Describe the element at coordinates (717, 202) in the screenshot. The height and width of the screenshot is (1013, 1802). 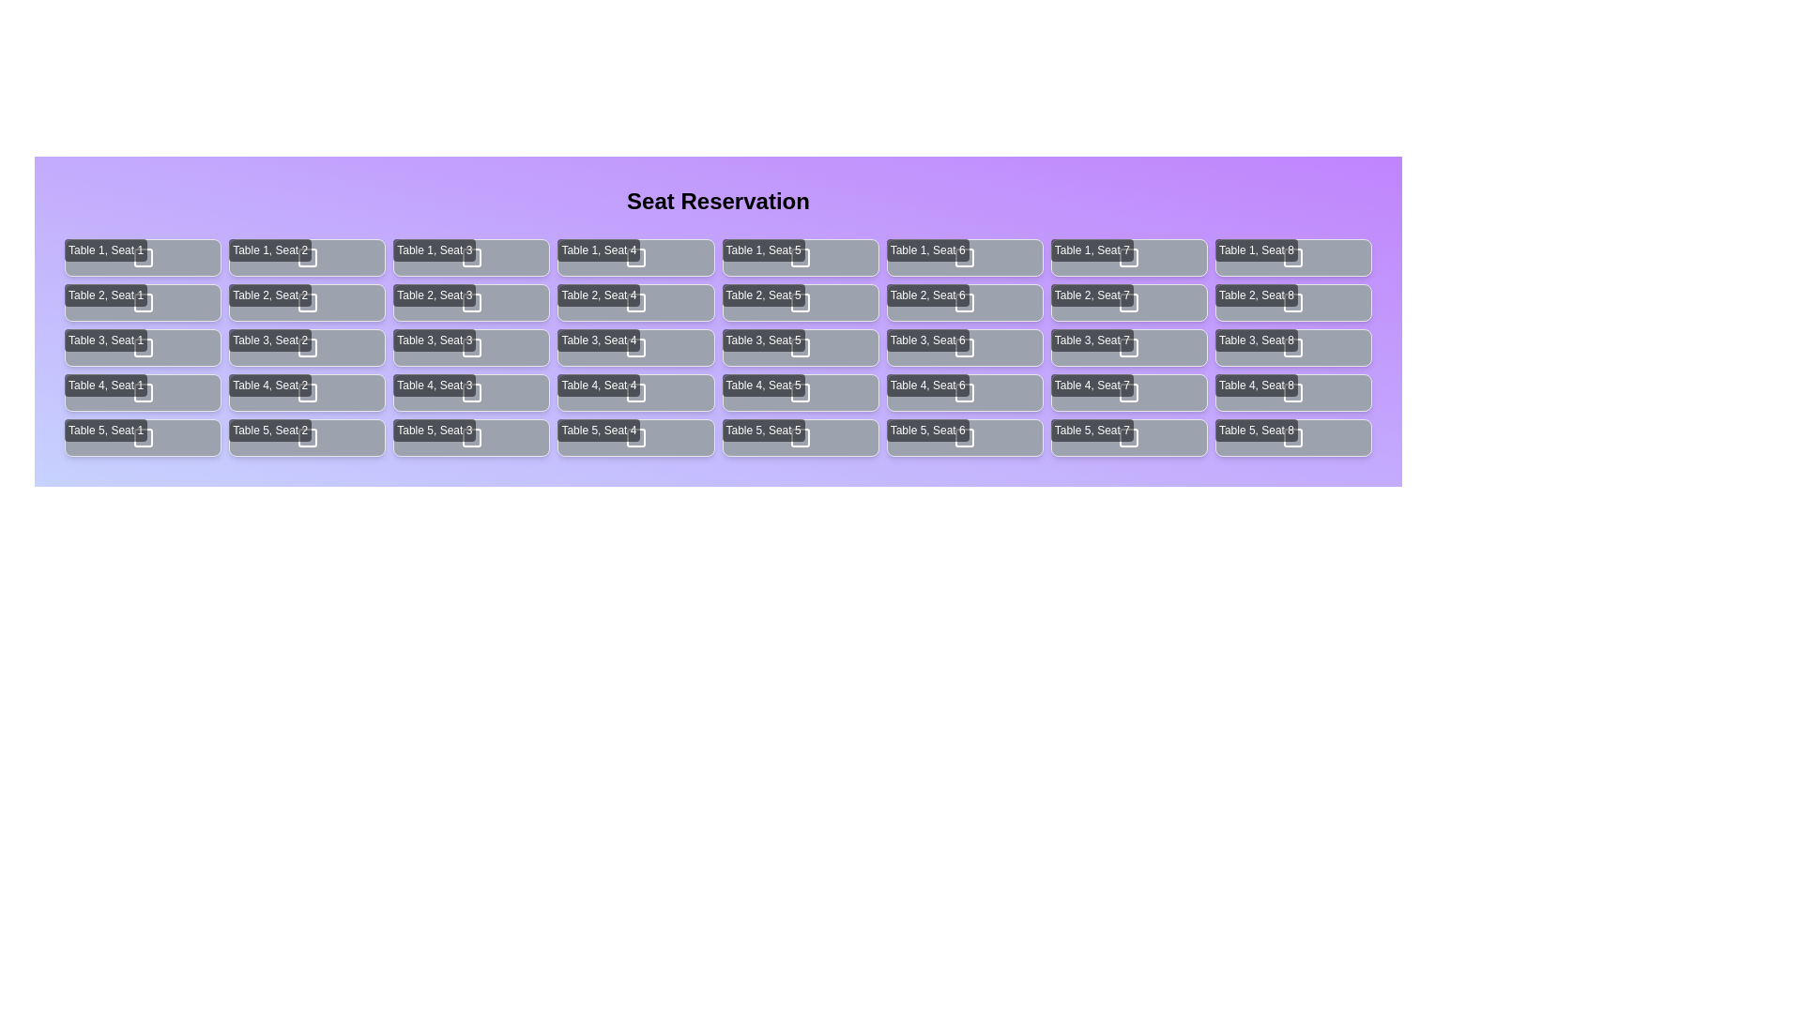
I see `the title 'Seat Reservation' displayed at the top of the component` at that location.